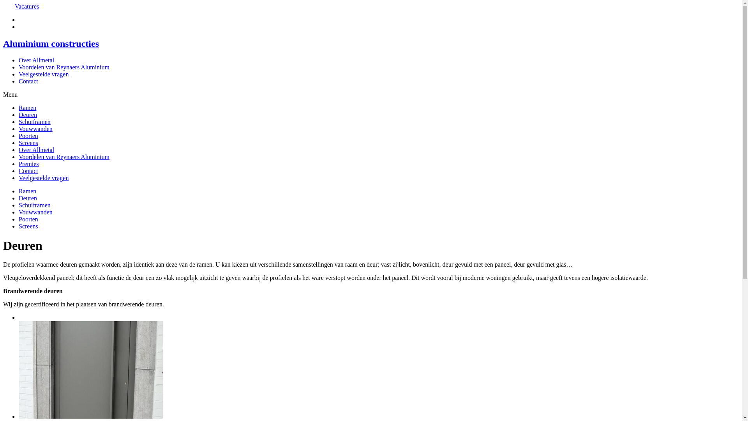 The width and height of the screenshot is (748, 421). I want to click on 'Premies', so click(28, 163).